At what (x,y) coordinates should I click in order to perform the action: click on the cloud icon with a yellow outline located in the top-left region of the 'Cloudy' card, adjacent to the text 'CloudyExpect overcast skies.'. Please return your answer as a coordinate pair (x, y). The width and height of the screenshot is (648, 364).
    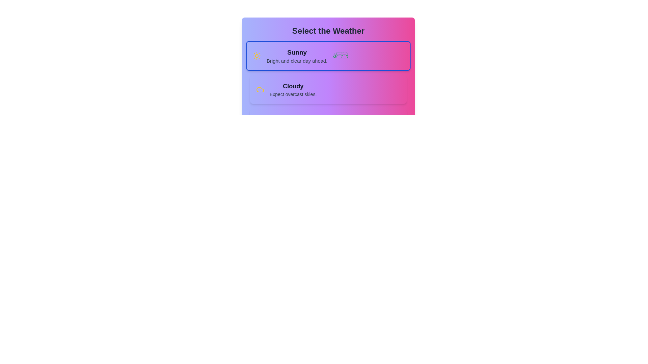
    Looking at the image, I should click on (260, 89).